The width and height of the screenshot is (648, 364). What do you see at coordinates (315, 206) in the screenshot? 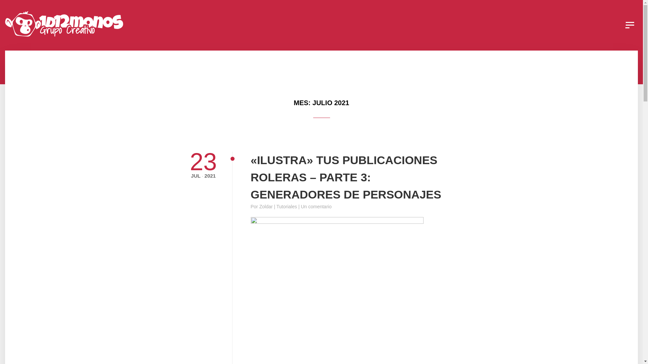
I see `'| Un comentario'` at bounding box center [315, 206].